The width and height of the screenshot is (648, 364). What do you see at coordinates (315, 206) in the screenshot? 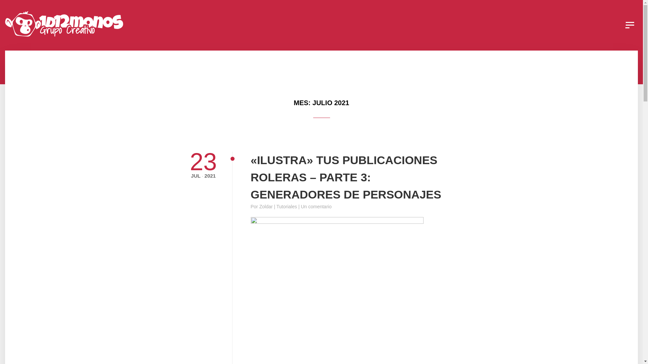
I see `'| Un comentario'` at bounding box center [315, 206].